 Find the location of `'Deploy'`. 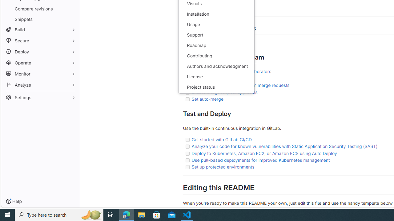

'Deploy' is located at coordinates (40, 51).